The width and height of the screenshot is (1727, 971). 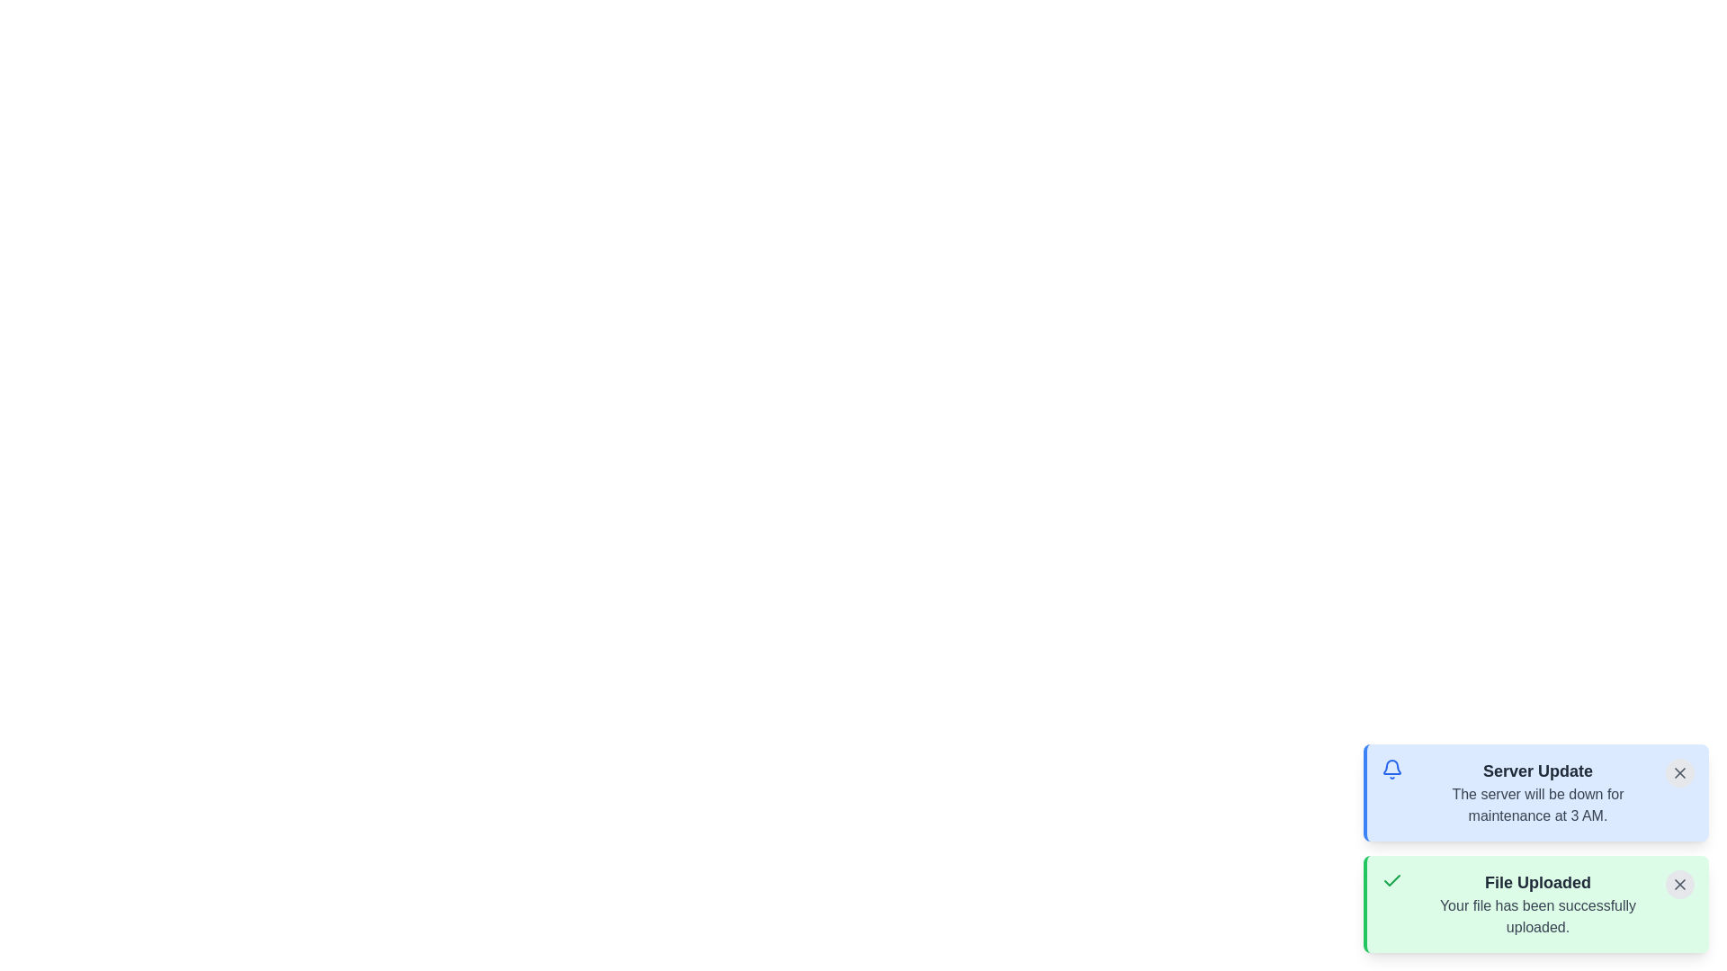 I want to click on the text label that reads 'Your file has been successfully uploaded.' which is styled with gray color and located below the bold header 'File Uploaded' in the bottom right of the interface, so click(x=1536, y=916).